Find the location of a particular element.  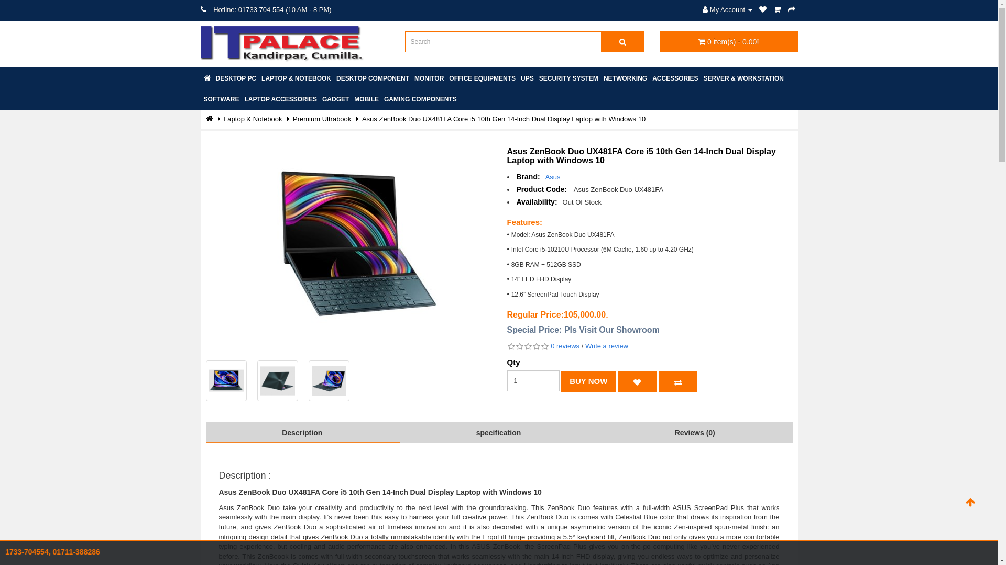

'0 reviews' is located at coordinates (550, 346).